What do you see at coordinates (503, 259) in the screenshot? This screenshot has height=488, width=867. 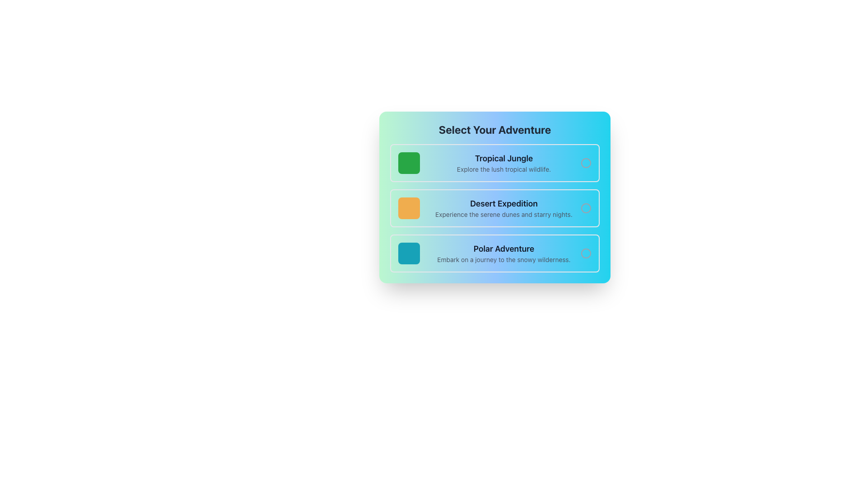 I see `descriptive subtitle or tagline for the 'Polar Adventure' option, located below the title within the 'Select Your Adventure' card` at bounding box center [503, 259].